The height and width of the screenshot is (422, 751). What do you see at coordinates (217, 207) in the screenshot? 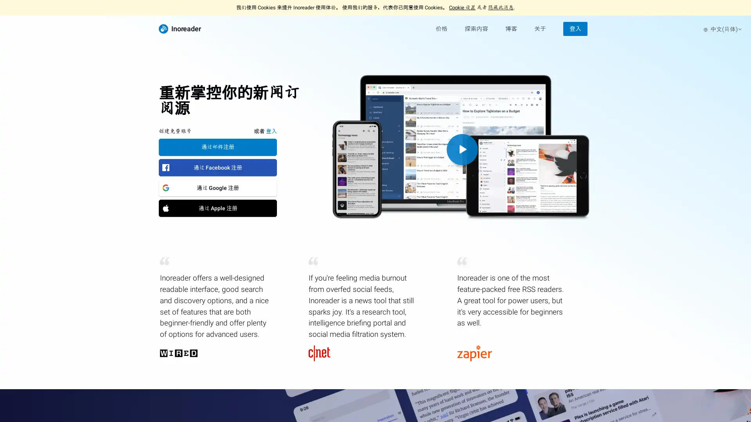
I see `Apple` at bounding box center [217, 207].